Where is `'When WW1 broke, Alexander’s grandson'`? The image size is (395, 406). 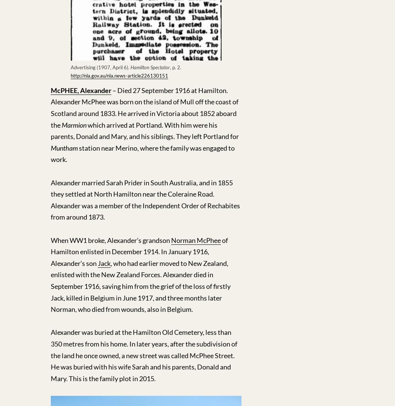
'When WW1 broke, Alexander’s grandson' is located at coordinates (111, 239).